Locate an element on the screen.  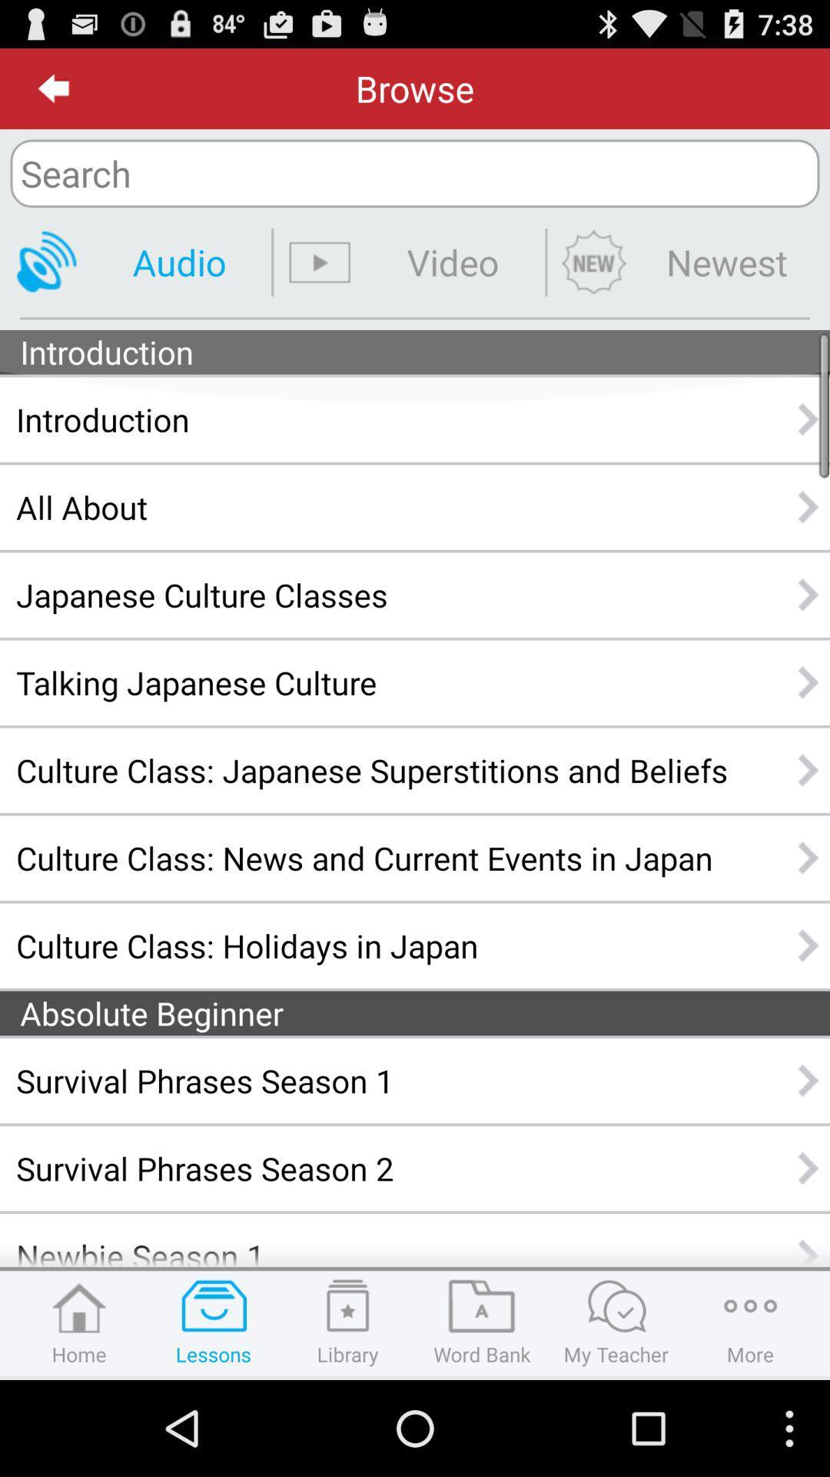
home right to lessons is located at coordinates (79, 1323).